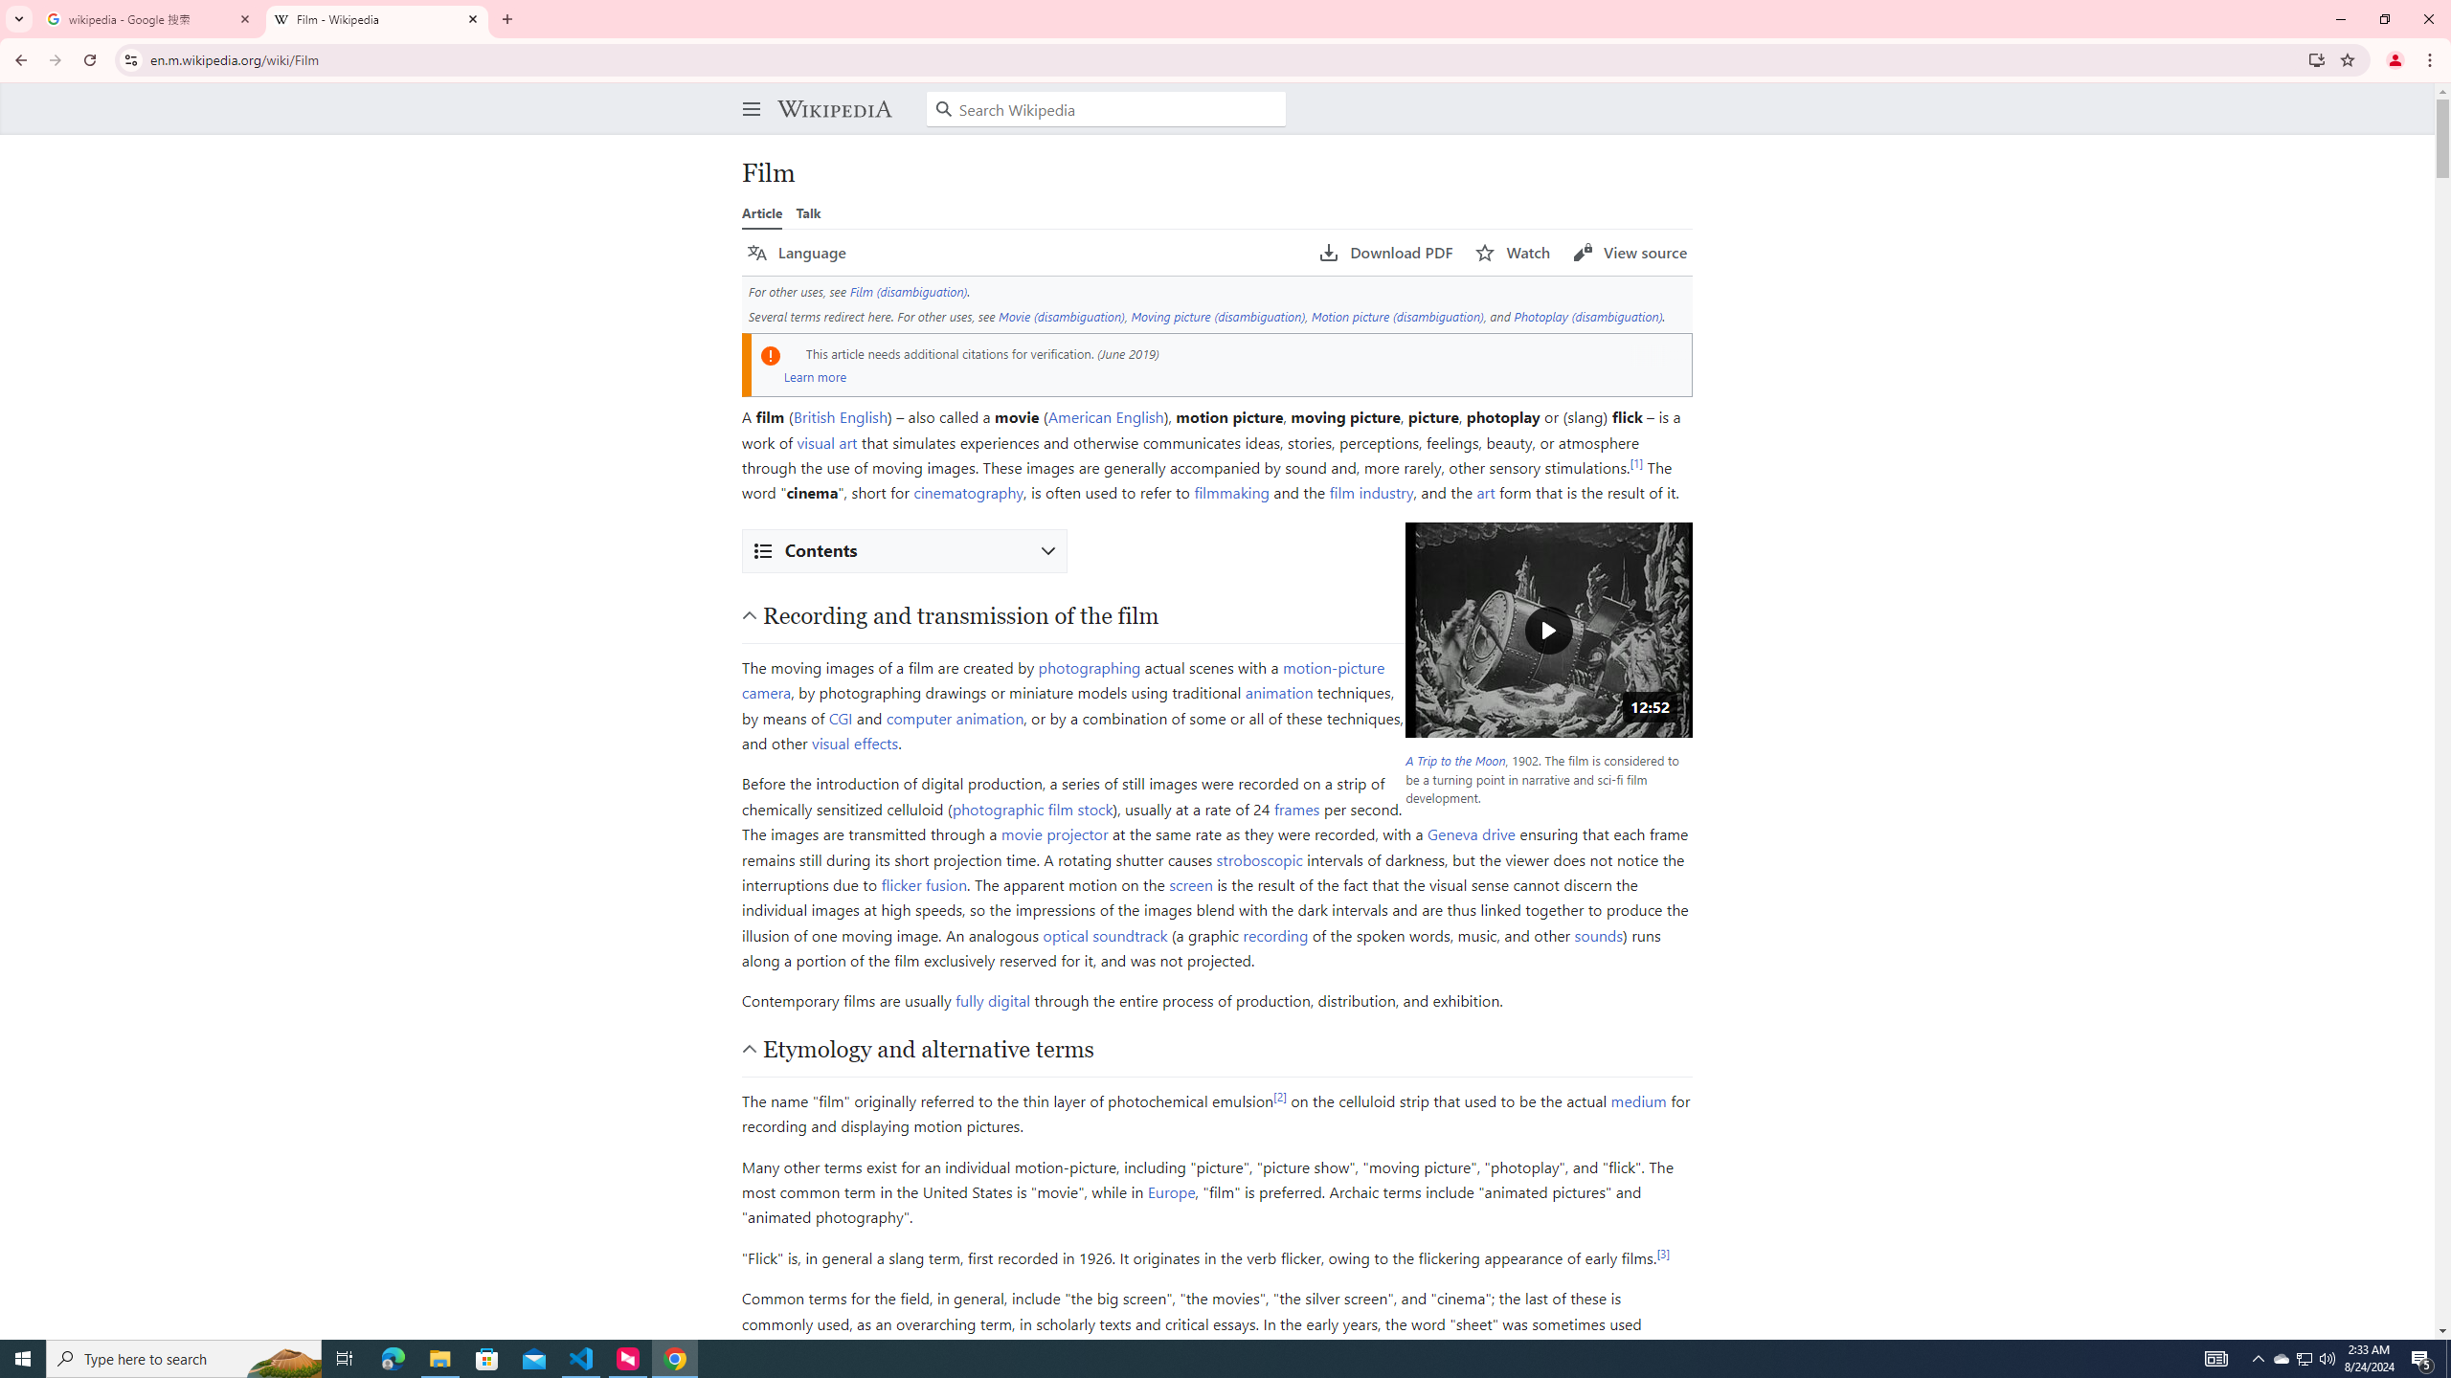  Describe the element at coordinates (834, 107) in the screenshot. I see `'Wikipedia'` at that location.